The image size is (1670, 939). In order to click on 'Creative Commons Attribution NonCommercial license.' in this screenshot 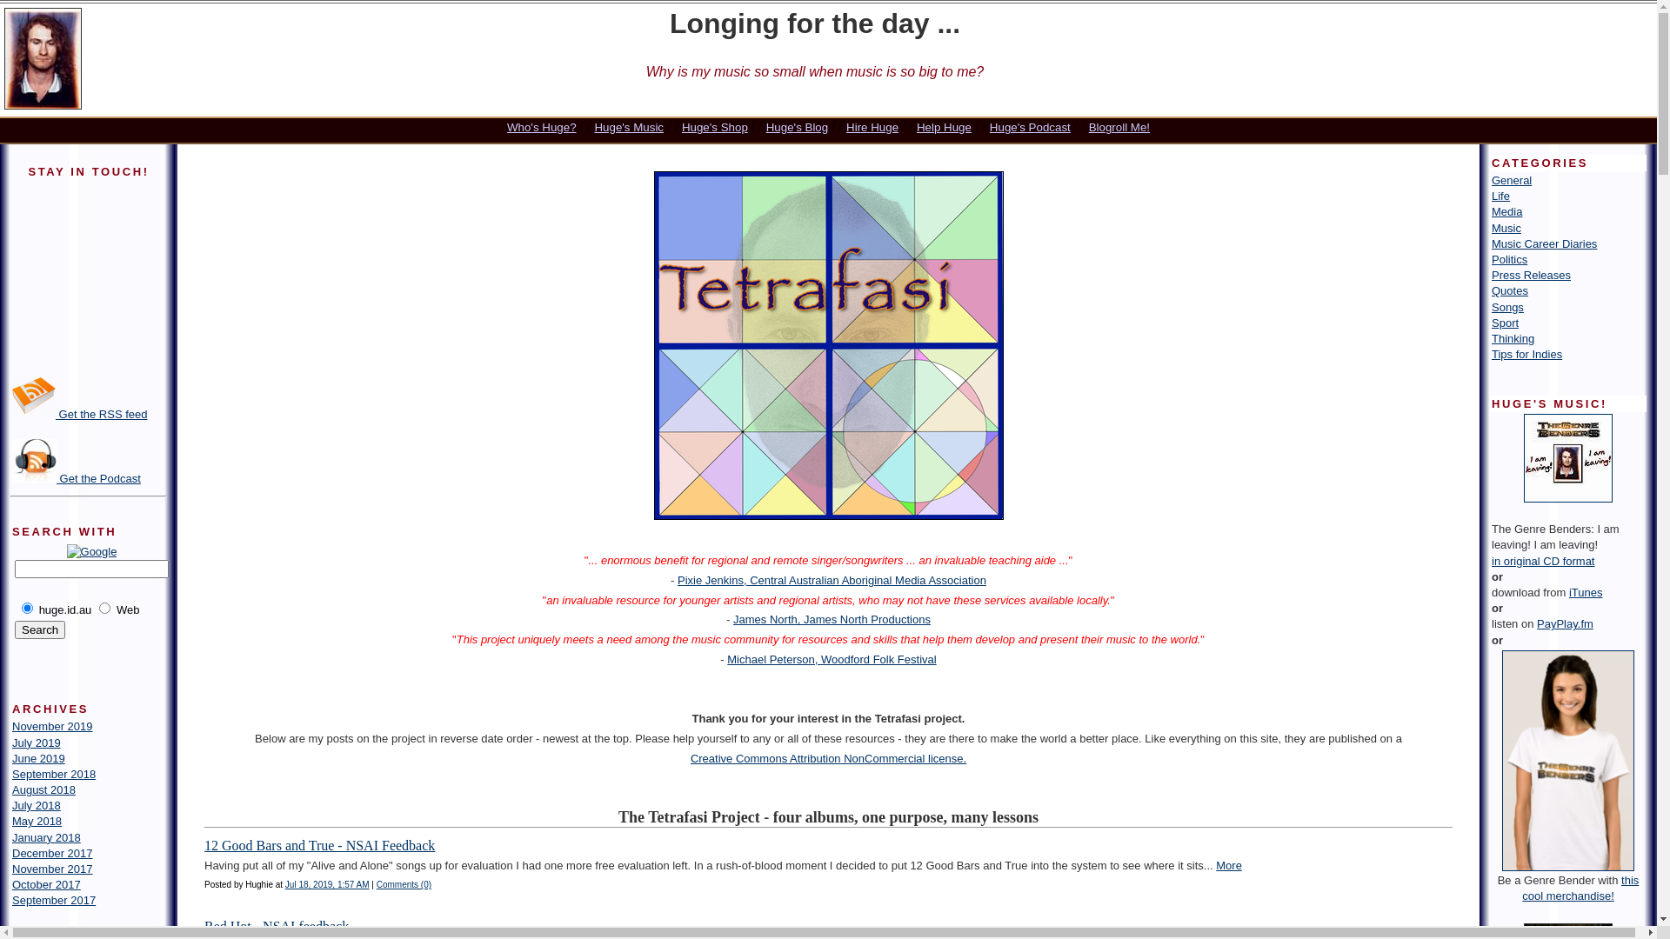, I will do `click(827, 756)`.